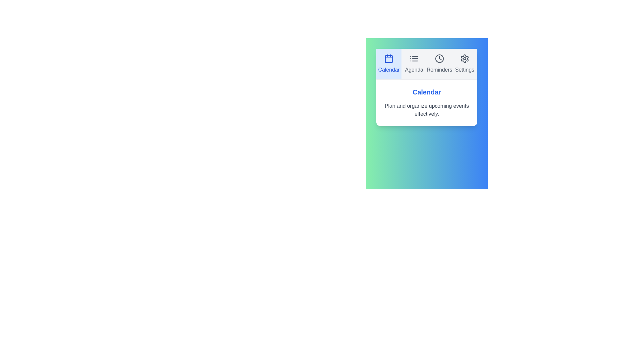 The width and height of the screenshot is (636, 358). I want to click on the Settings tab to view its content, so click(464, 64).